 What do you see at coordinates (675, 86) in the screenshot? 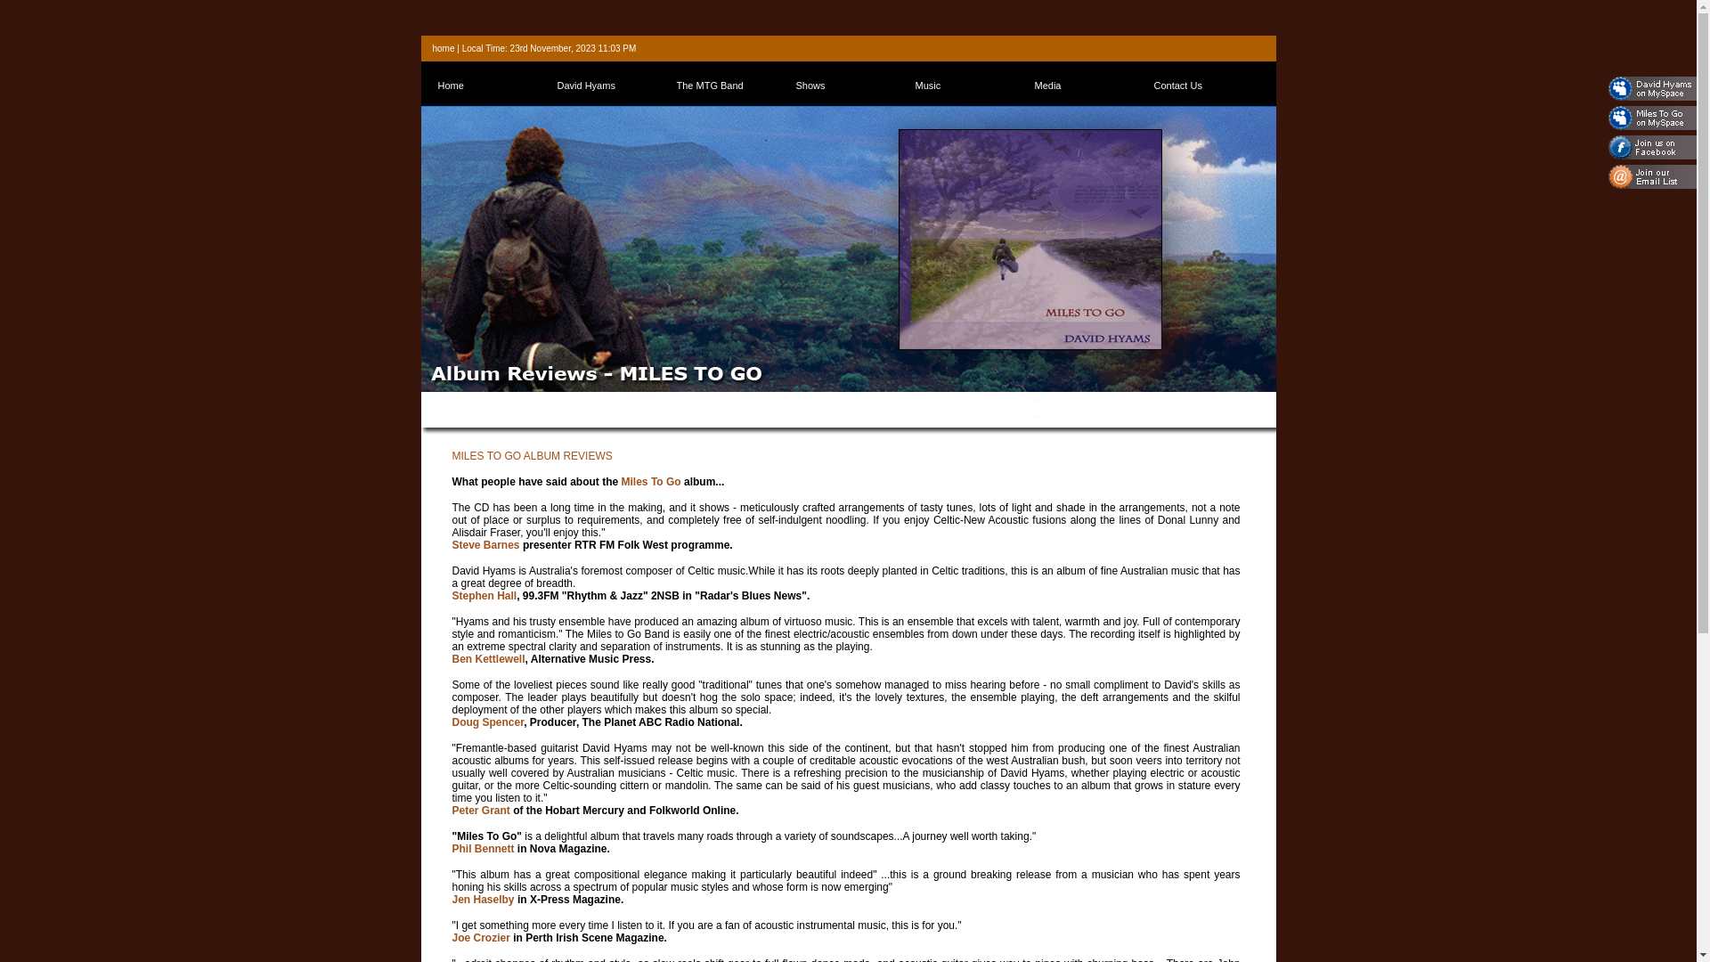
I see `'The MTG Band'` at bounding box center [675, 86].